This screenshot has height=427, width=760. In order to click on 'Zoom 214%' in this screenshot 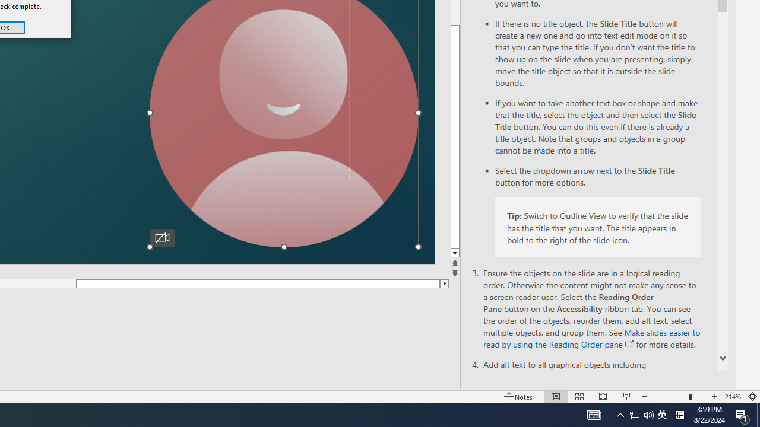, I will do `click(732, 397)`.